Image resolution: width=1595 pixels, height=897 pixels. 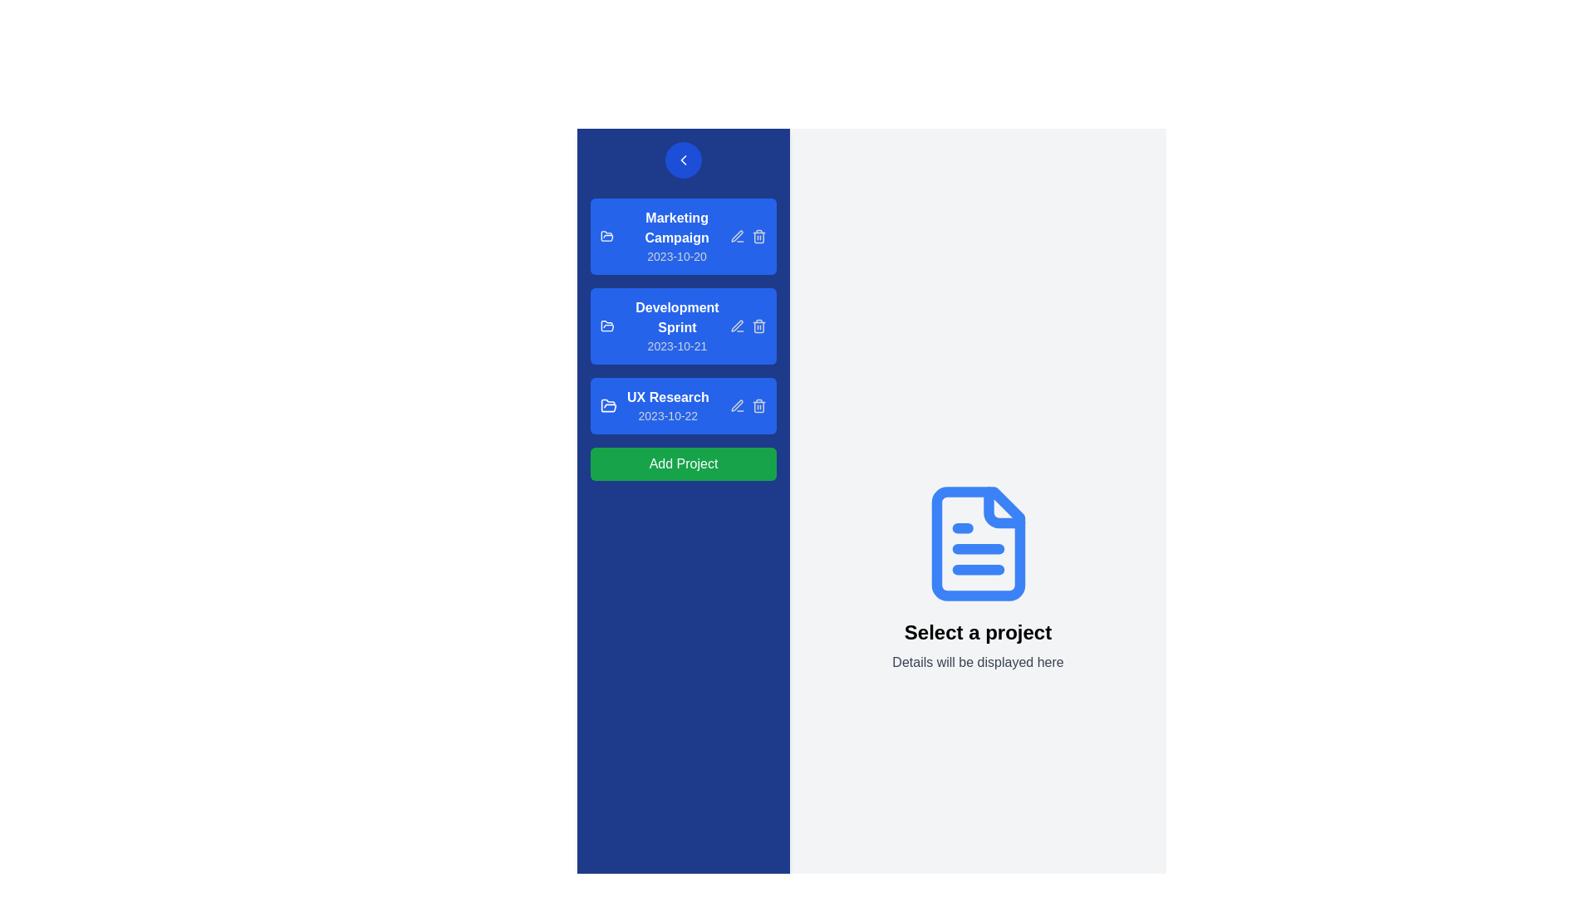 I want to click on the 'Add Project' button located at the bottom of the project list in the sidebar to trigger its hover state, so click(x=683, y=464).